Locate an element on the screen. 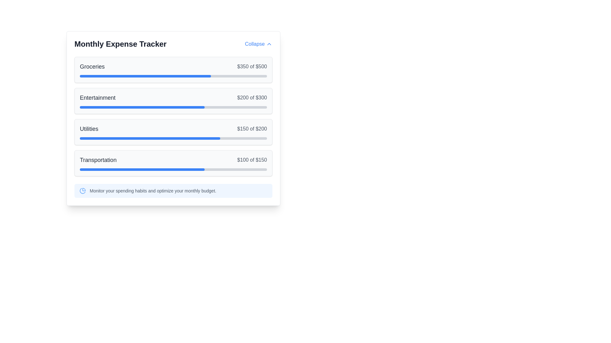 The height and width of the screenshot is (343, 611). the Budget Summary Component displaying 'Groceries' with a budget summary of '$350 of $500' and a progress bar, which is the first entry in the list under 'Monthly Expense Tracker' is located at coordinates (173, 70).